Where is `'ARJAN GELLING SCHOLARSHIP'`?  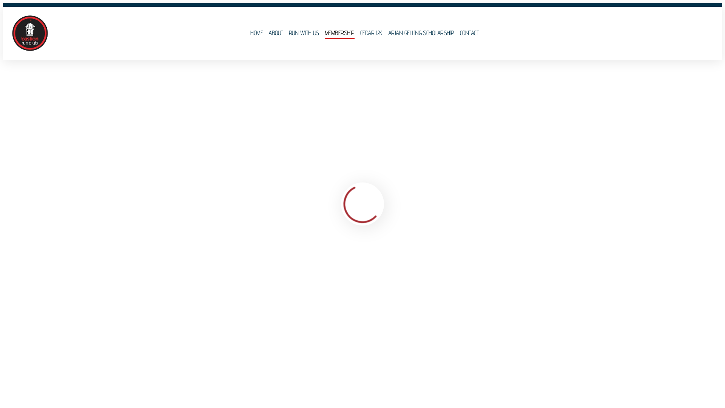 'ARJAN GELLING SCHOLARSHIP' is located at coordinates (421, 33).